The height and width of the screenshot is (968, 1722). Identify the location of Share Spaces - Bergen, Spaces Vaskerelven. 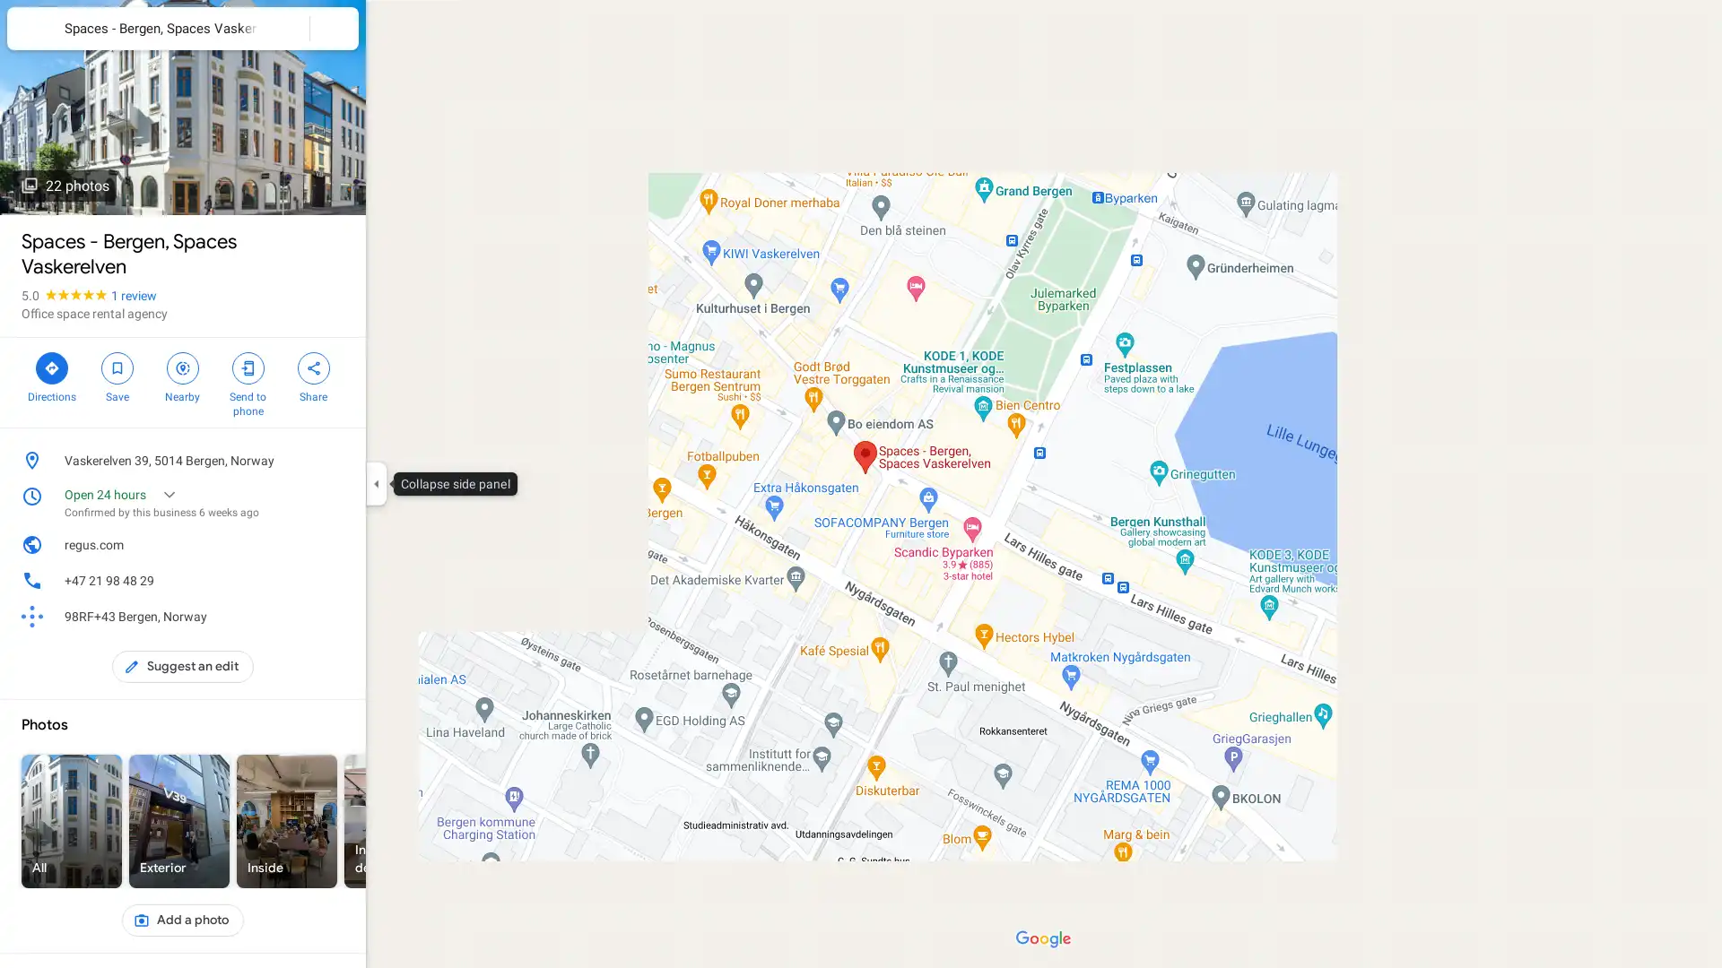
(313, 375).